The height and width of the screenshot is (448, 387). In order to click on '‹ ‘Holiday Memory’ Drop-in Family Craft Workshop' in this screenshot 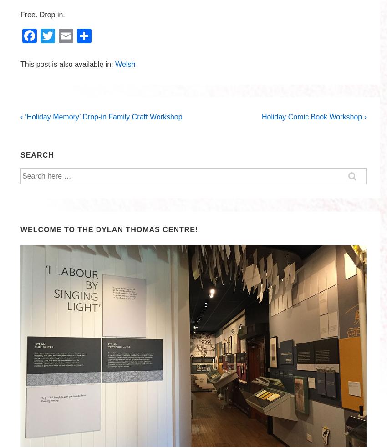, I will do `click(101, 116)`.